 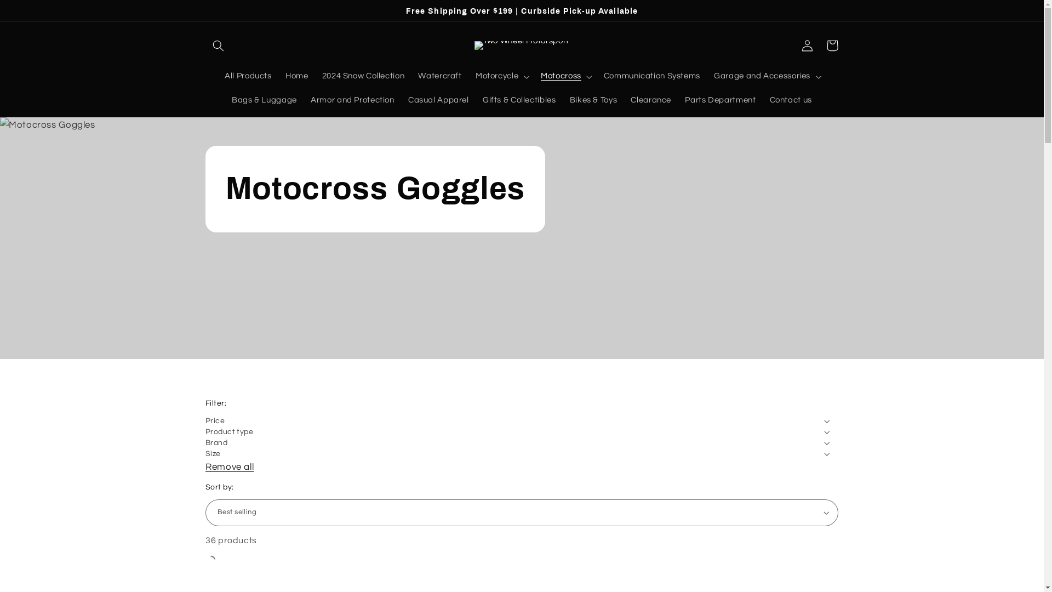 I want to click on 'Parts Department', so click(x=721, y=101).